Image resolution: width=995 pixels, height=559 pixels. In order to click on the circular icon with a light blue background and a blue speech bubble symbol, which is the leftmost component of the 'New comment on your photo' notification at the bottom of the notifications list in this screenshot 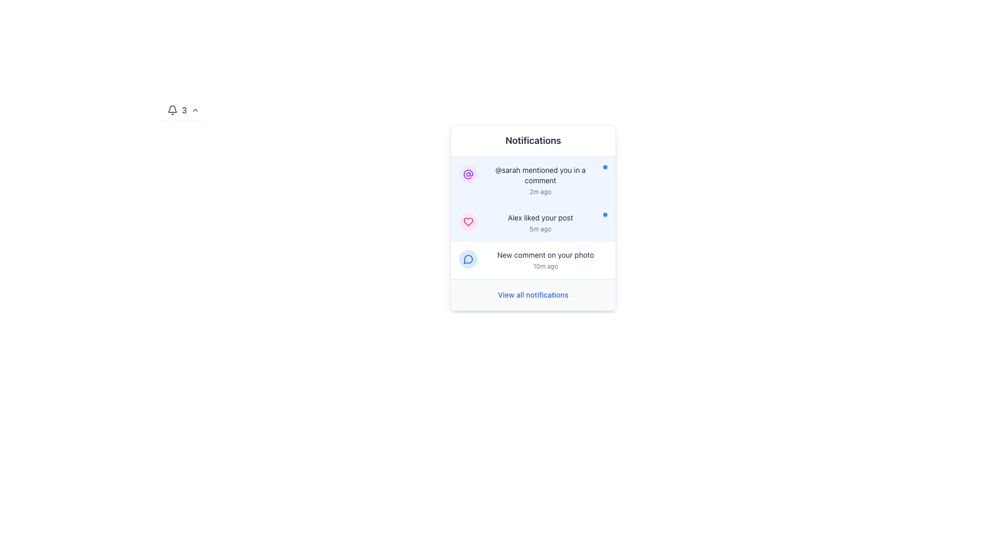, I will do `click(467, 259)`.